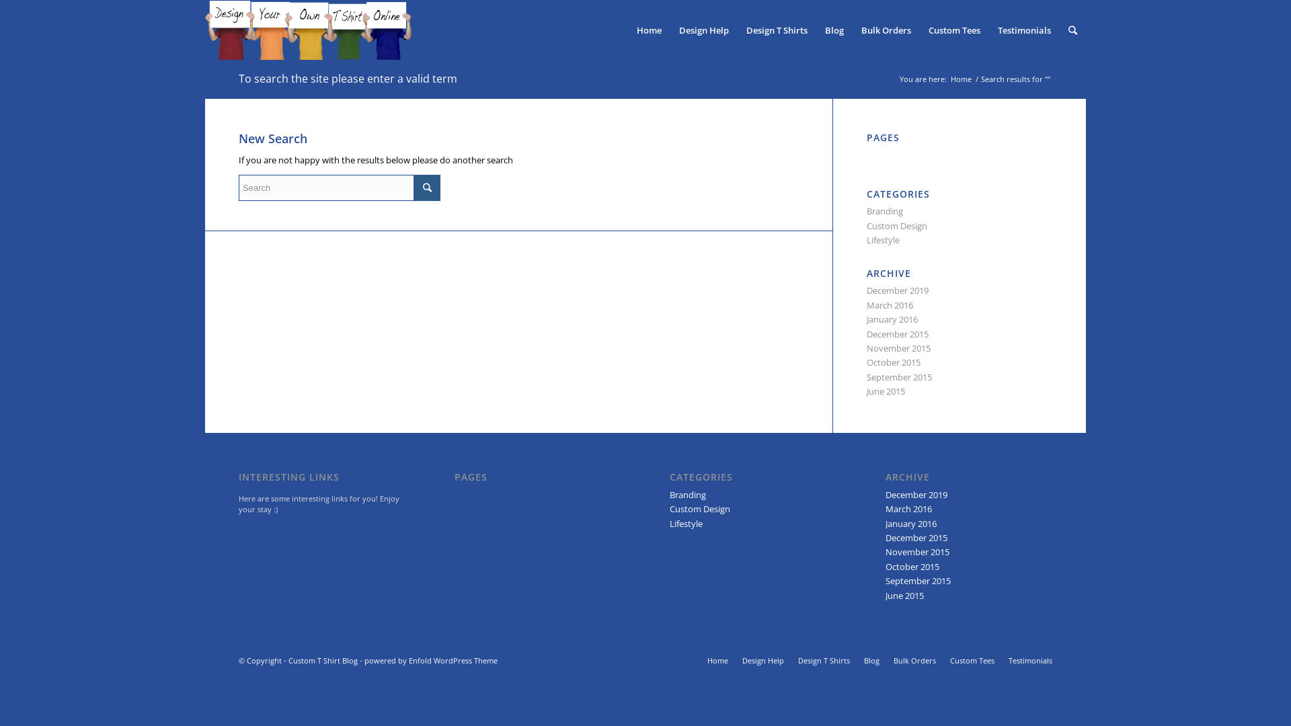 Image resolution: width=1291 pixels, height=726 pixels. What do you see at coordinates (886, 391) in the screenshot?
I see `'June 2015'` at bounding box center [886, 391].